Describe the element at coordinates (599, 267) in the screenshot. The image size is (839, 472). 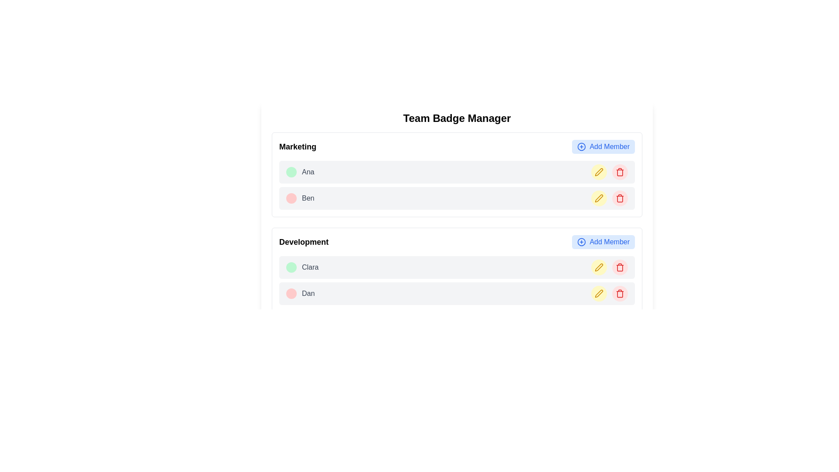
I see `the pen icon within the edit button` at that location.